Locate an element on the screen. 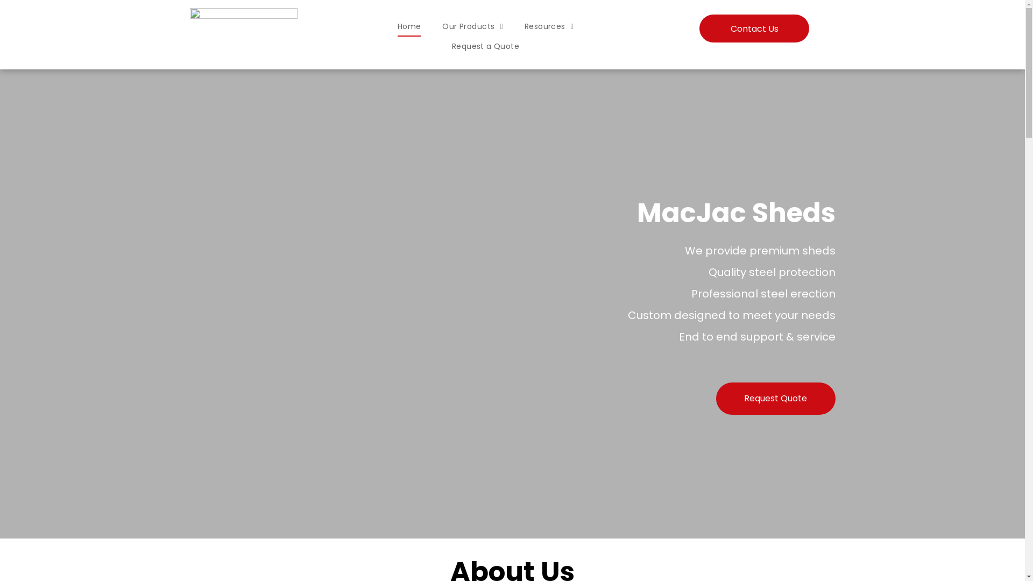 Image resolution: width=1033 pixels, height=581 pixels. 'Our Products' is located at coordinates (472, 26).